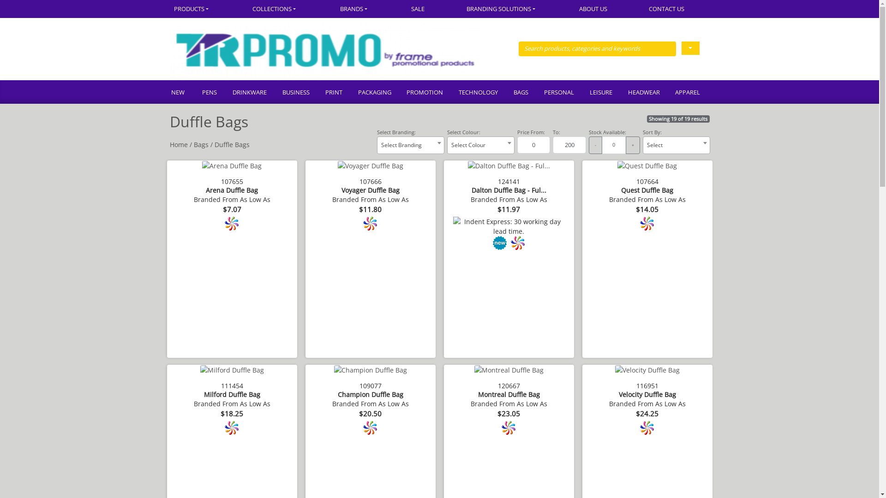  What do you see at coordinates (317, 93) in the screenshot?
I see `'PRINT'` at bounding box center [317, 93].